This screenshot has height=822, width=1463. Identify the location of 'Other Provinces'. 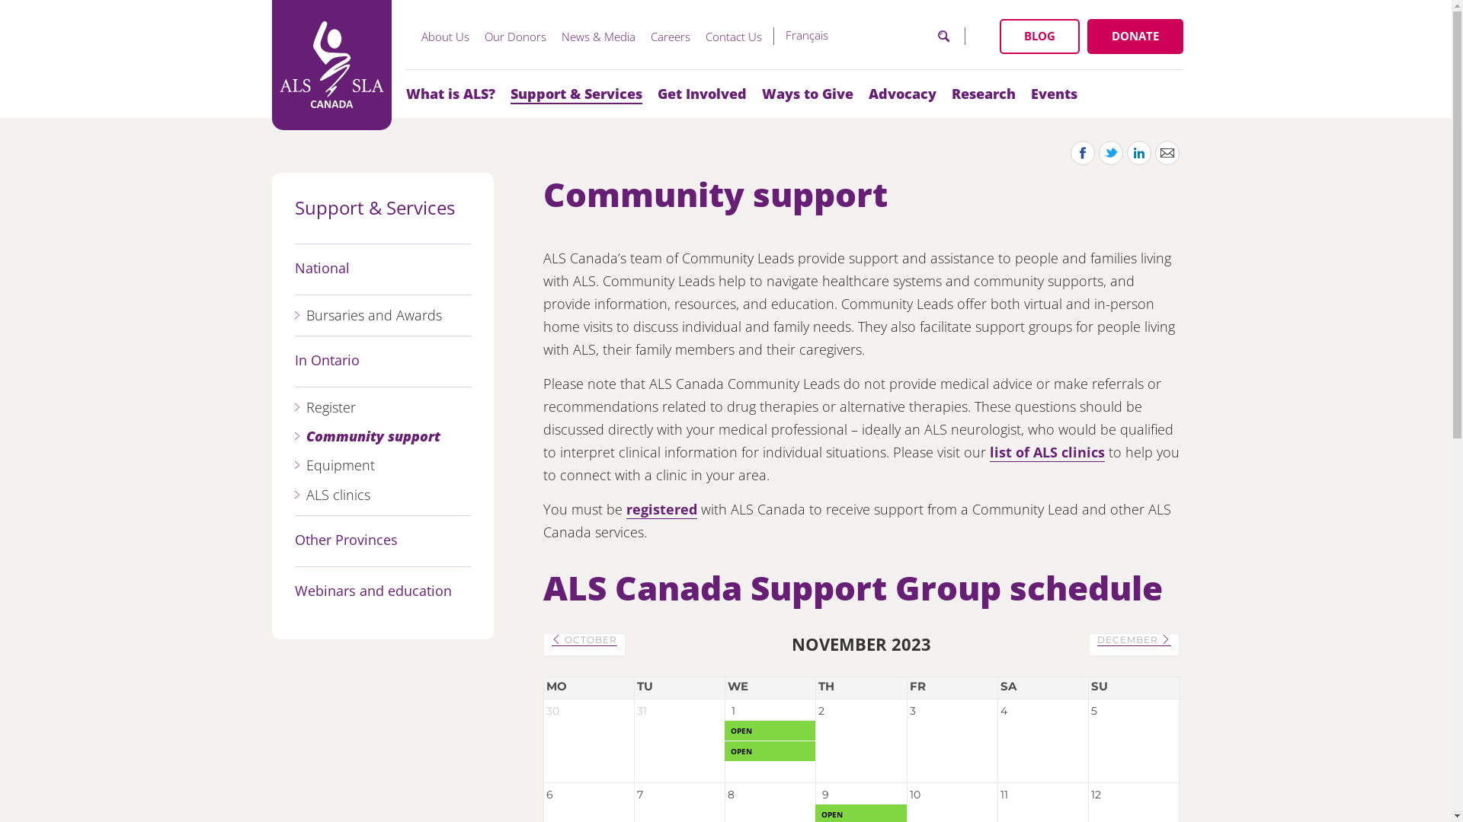
(345, 540).